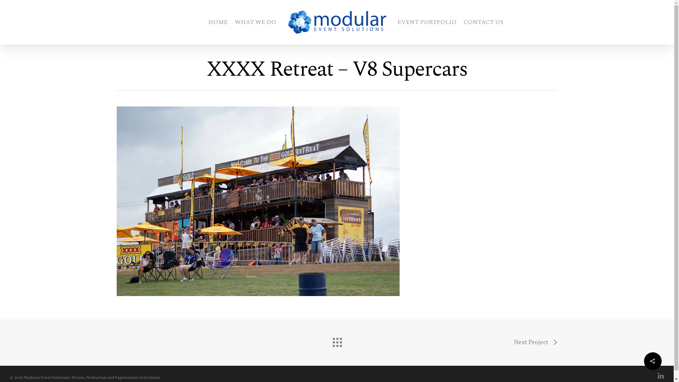  What do you see at coordinates (426, 22) in the screenshot?
I see `'EVENT PORTFOLIO'` at bounding box center [426, 22].